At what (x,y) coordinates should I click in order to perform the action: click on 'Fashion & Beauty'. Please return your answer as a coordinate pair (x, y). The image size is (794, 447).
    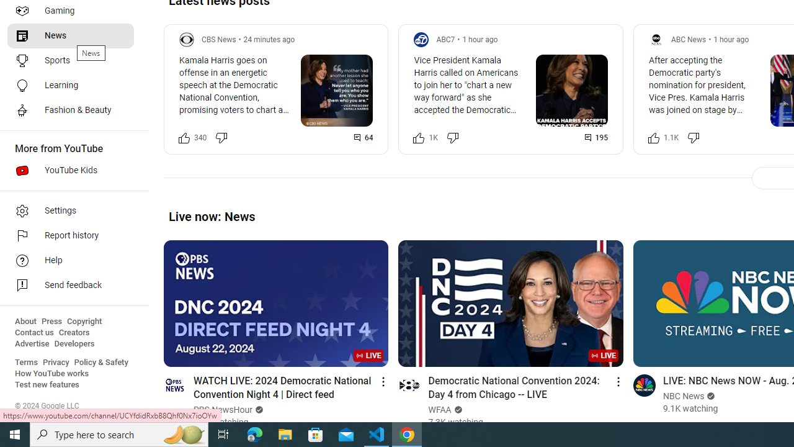
    Looking at the image, I should click on (69, 109).